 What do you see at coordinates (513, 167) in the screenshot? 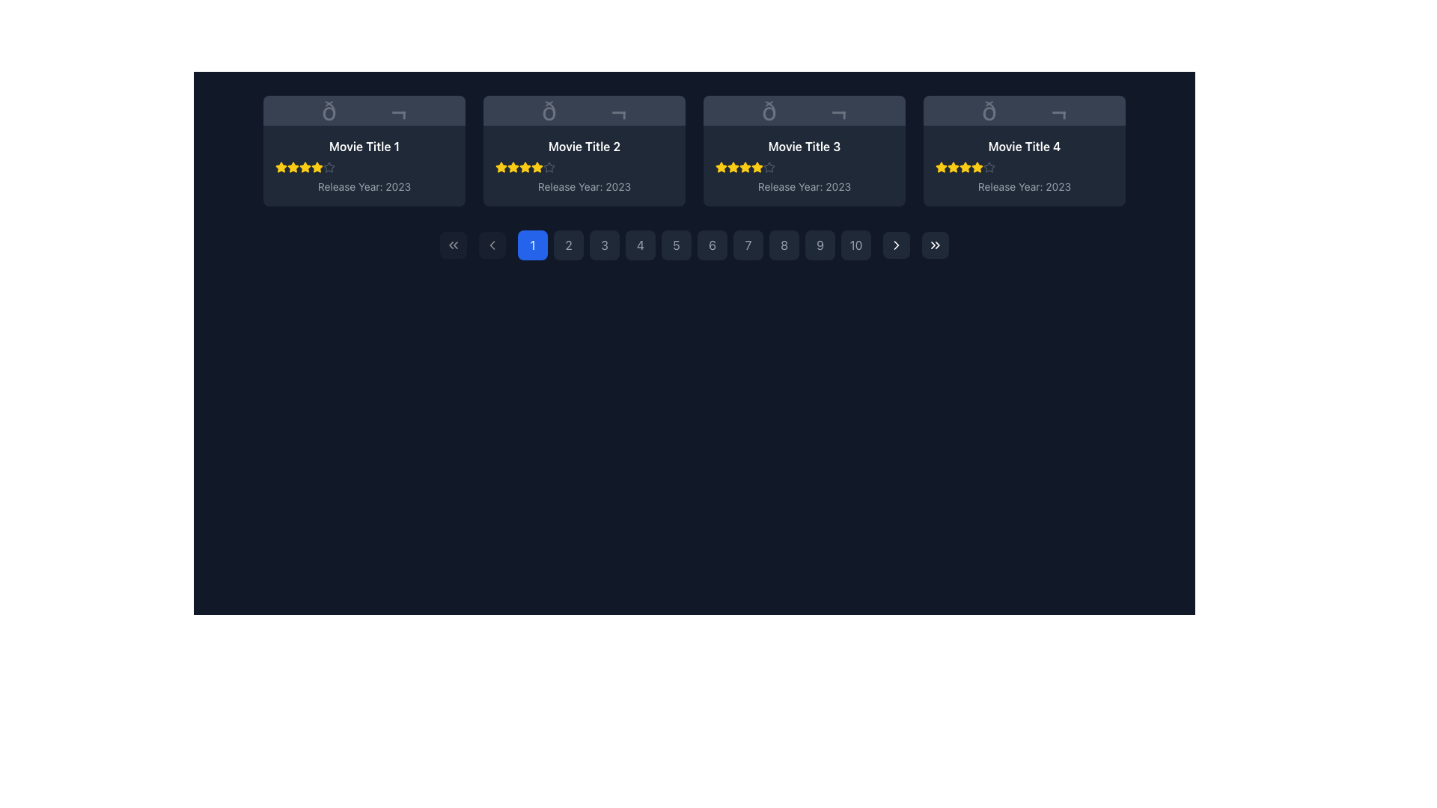
I see `the second star icon in the row of five stars under the title 'Movie Title 2' to rate it` at bounding box center [513, 167].